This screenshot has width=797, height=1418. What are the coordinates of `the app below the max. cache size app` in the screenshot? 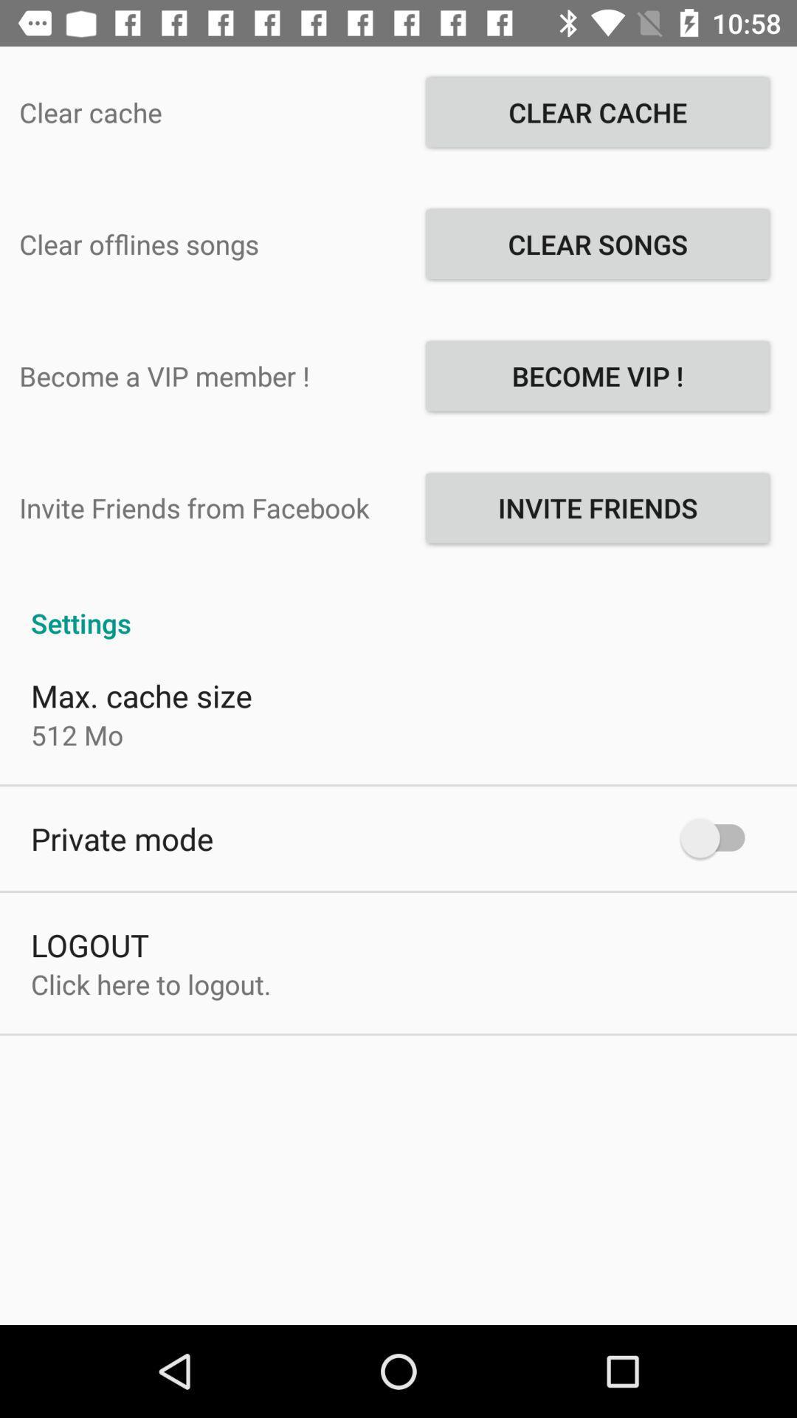 It's located at (77, 735).